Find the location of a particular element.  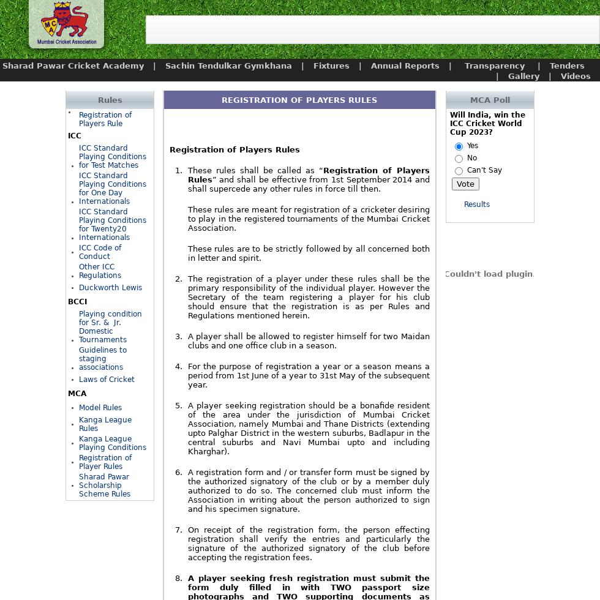

'MCA Poll' is located at coordinates (490, 99).